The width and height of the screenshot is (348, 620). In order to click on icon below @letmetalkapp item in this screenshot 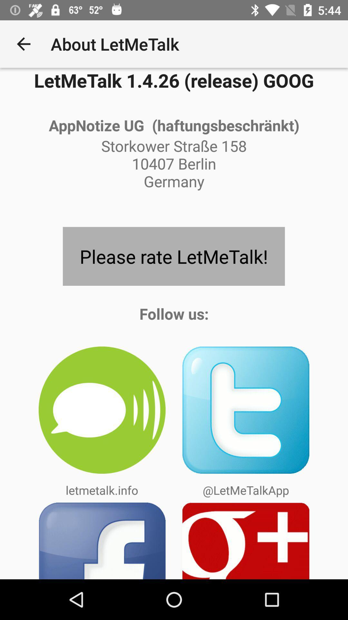, I will do `click(246, 541)`.